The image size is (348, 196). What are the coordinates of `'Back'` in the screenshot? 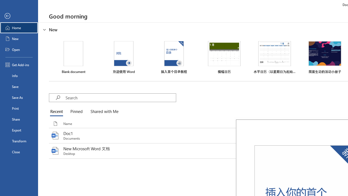 It's located at (19, 16).